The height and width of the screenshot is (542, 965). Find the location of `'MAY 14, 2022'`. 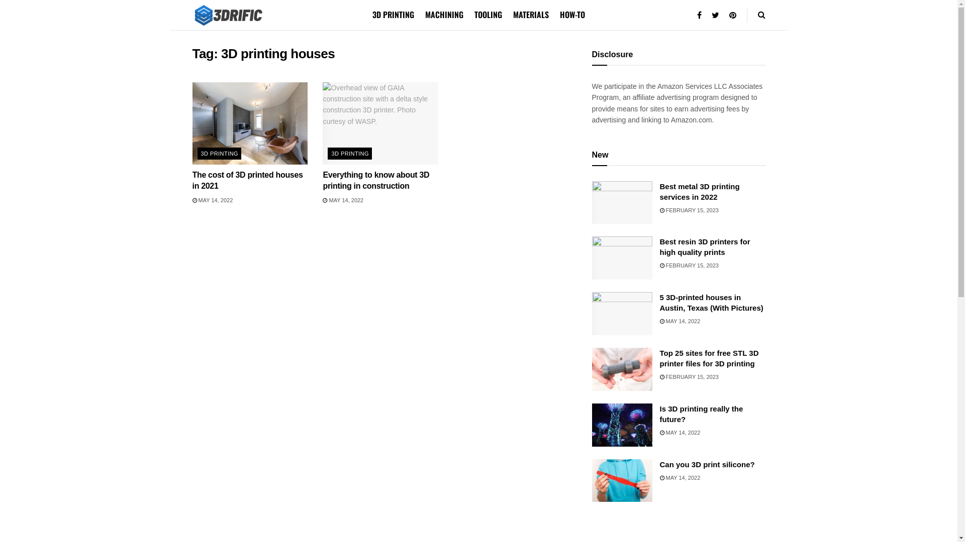

'MAY 14, 2022' is located at coordinates (680, 432).